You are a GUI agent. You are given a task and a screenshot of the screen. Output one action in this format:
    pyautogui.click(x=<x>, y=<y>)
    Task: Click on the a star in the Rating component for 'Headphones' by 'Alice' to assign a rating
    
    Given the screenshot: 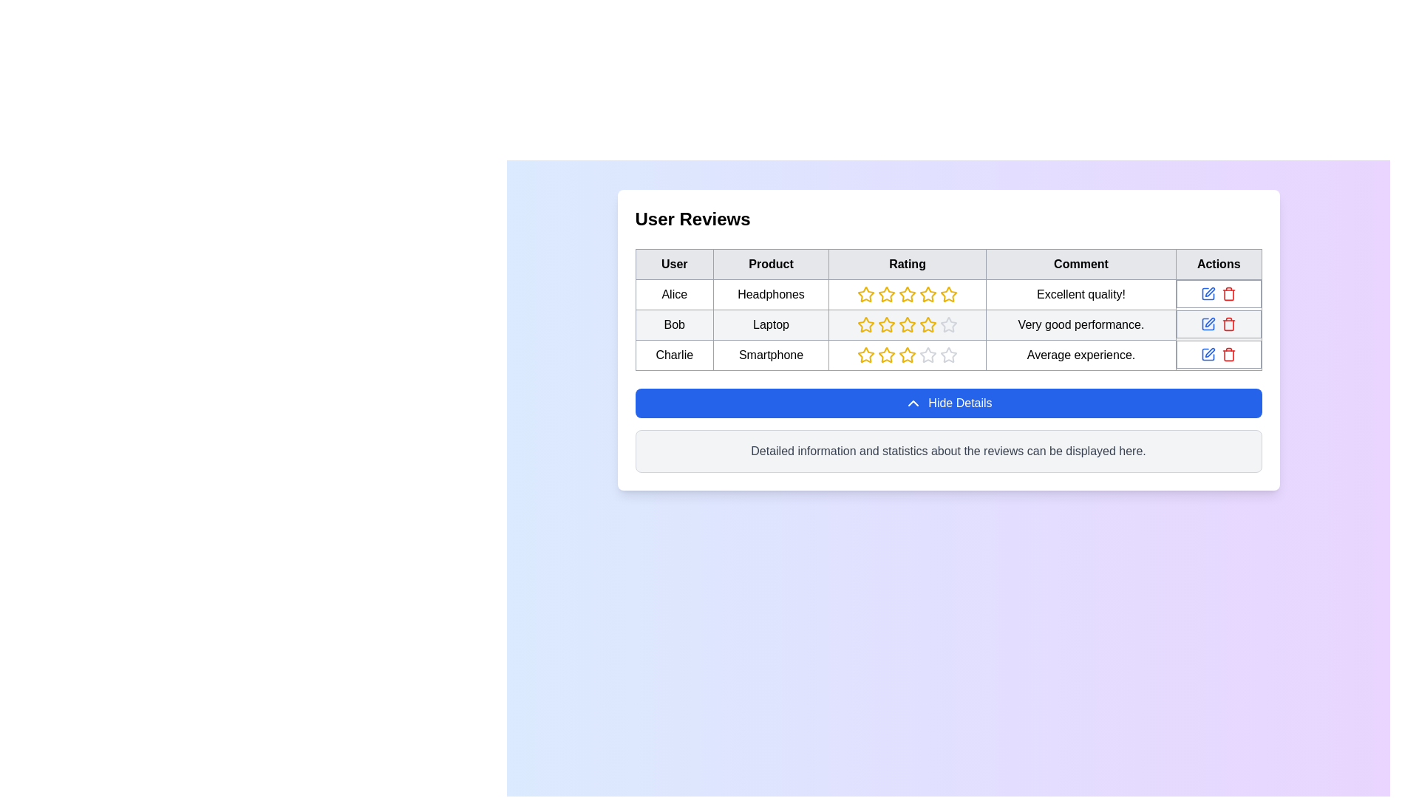 What is the action you would take?
    pyautogui.click(x=907, y=294)
    